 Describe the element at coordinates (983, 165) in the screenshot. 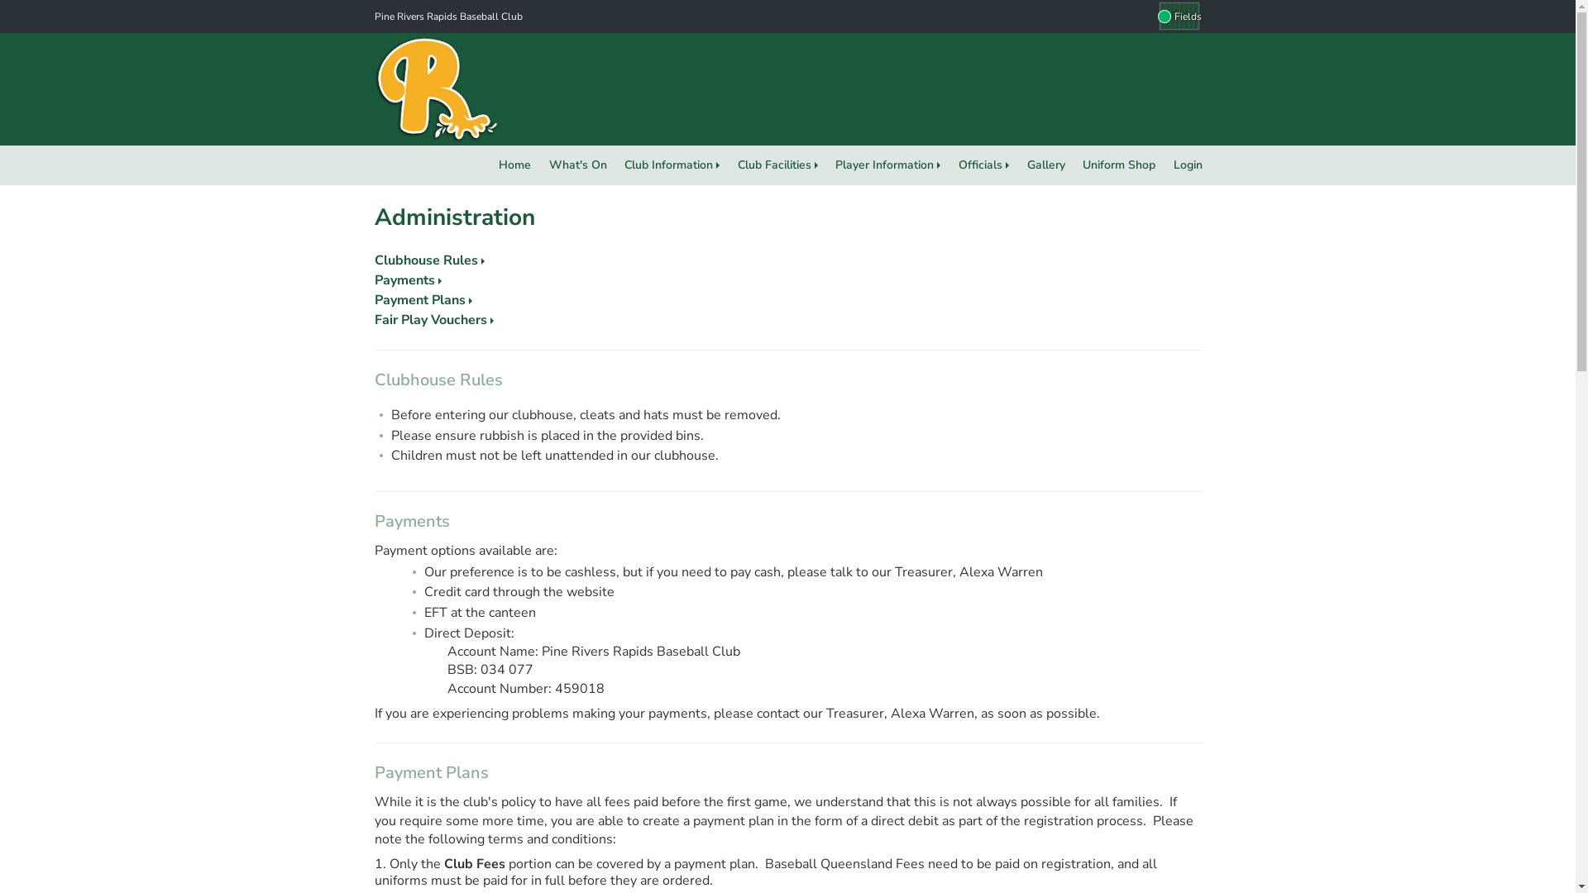

I see `'Officials'` at that location.